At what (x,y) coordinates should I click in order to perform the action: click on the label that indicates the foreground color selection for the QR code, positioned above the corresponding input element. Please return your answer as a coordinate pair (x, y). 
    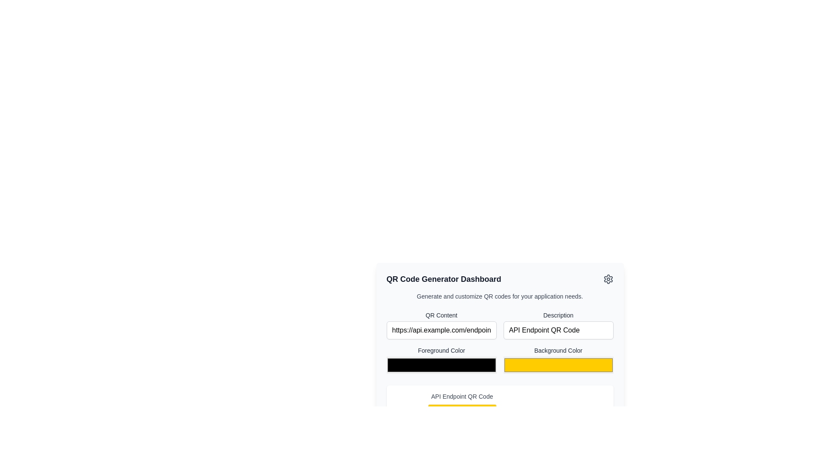
    Looking at the image, I should click on (441, 351).